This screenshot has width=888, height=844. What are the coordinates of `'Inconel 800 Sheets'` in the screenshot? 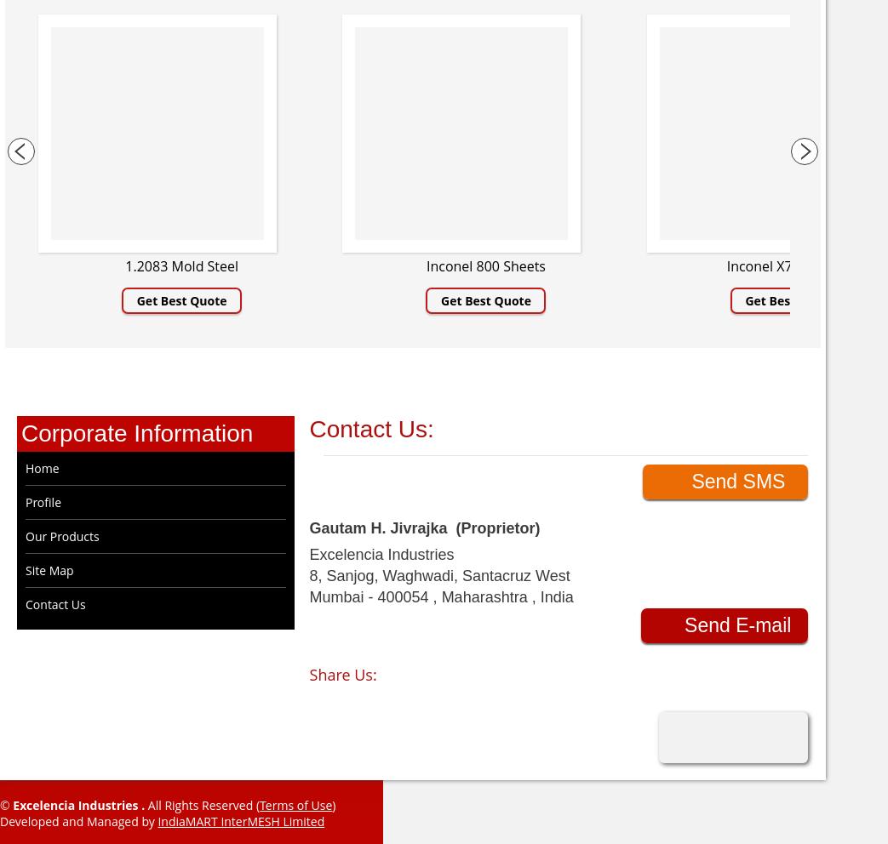 It's located at (484, 265).